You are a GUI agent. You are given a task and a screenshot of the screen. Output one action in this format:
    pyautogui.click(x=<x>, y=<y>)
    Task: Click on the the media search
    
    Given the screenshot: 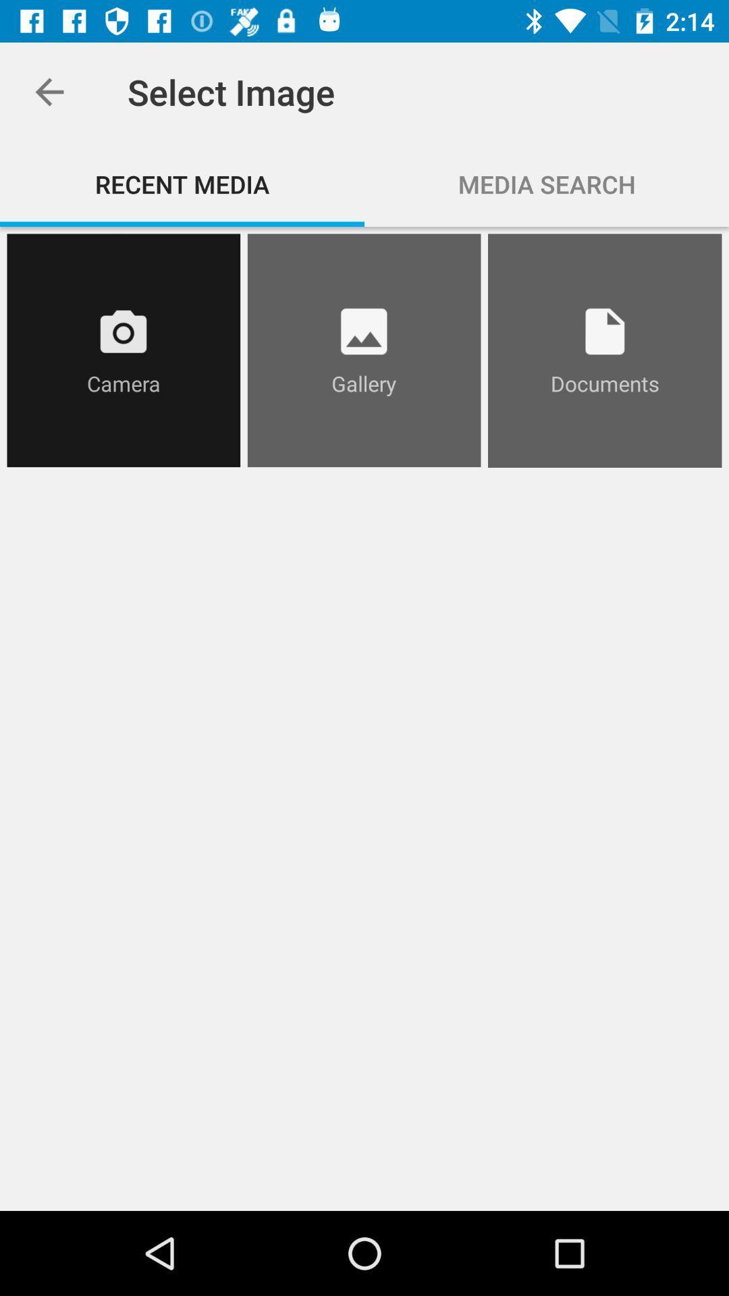 What is the action you would take?
    pyautogui.click(x=547, y=184)
    